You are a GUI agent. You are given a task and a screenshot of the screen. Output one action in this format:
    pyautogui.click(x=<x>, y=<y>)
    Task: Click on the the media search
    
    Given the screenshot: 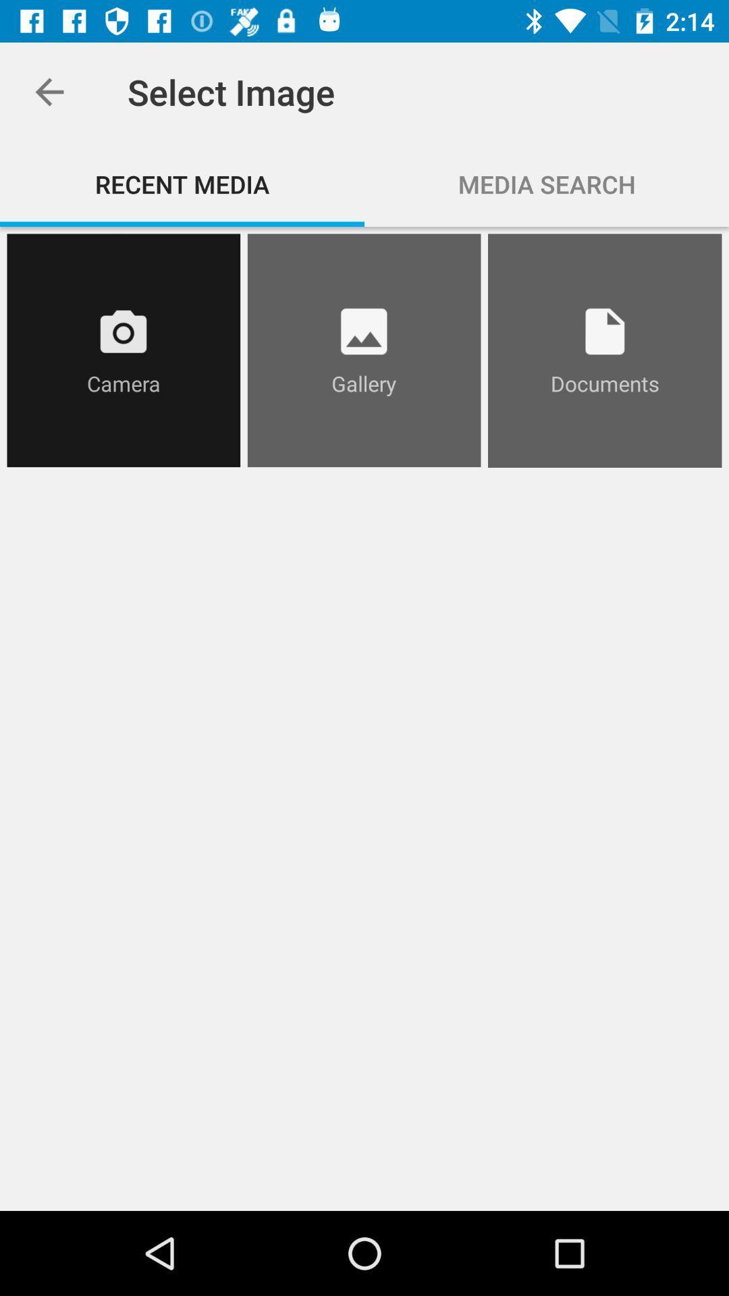 What is the action you would take?
    pyautogui.click(x=547, y=184)
    